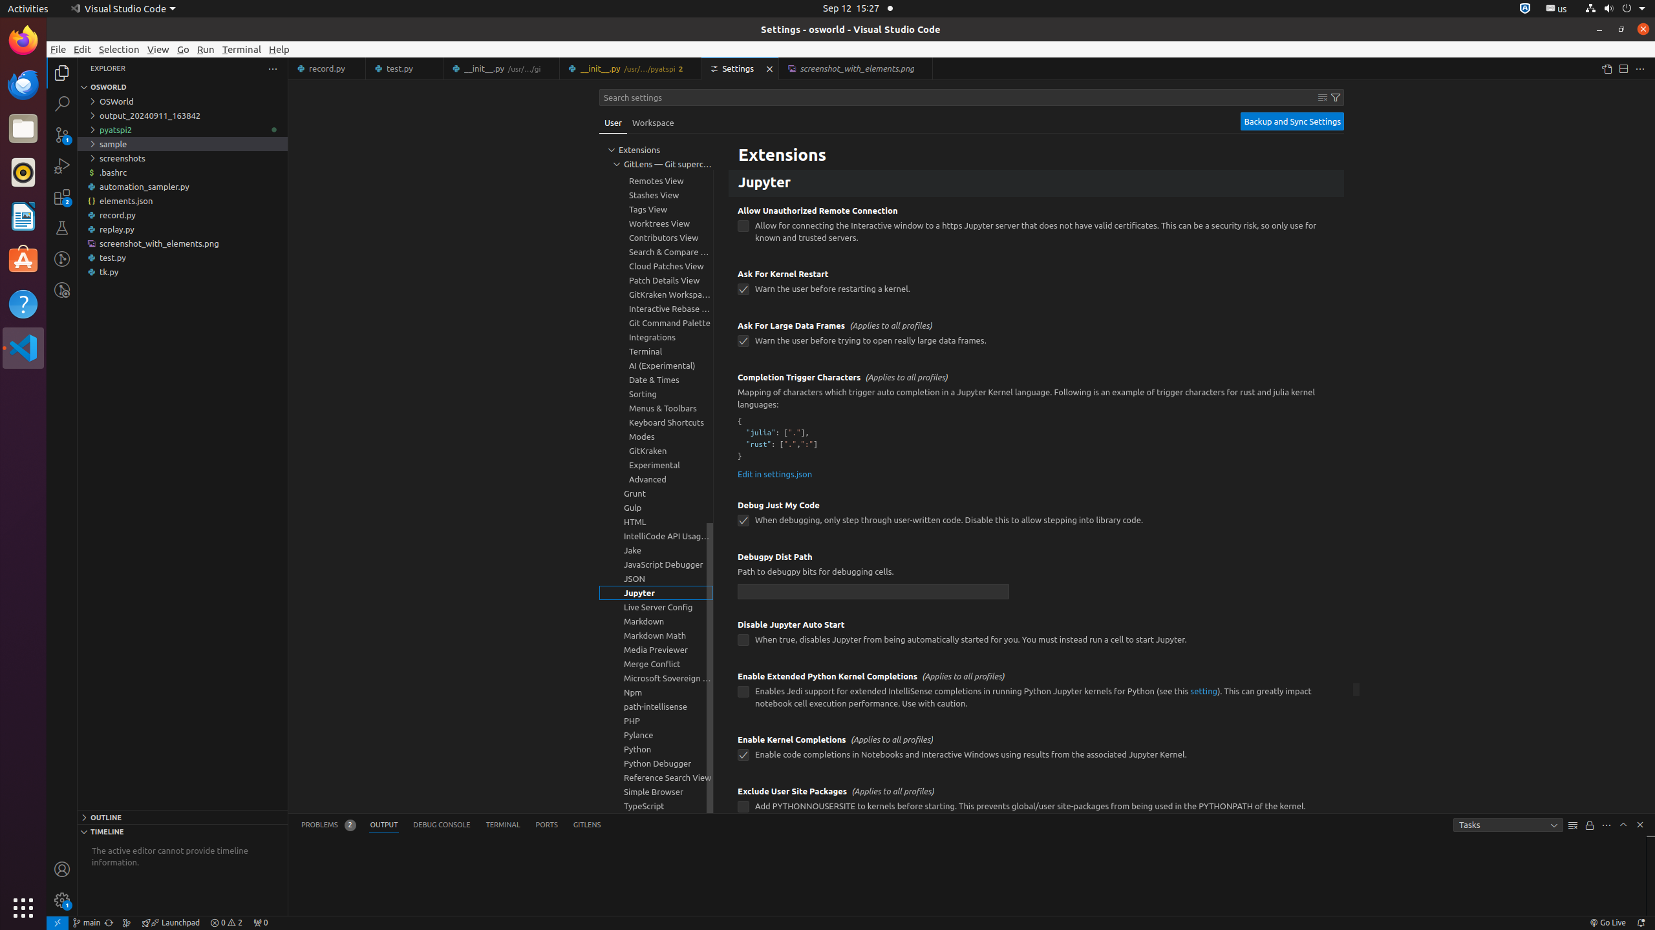  Describe the element at coordinates (1036, 426) in the screenshot. I see `' Completion Trigger Characters. Setting value retained when switching profiles. Mapping of characters which trigger auto completion in a Jupyter Kernel language. Following is an example of trigger characters for rust and julia kernel languages: { "julia": ["."], "rust": [".",":"] }'` at that location.